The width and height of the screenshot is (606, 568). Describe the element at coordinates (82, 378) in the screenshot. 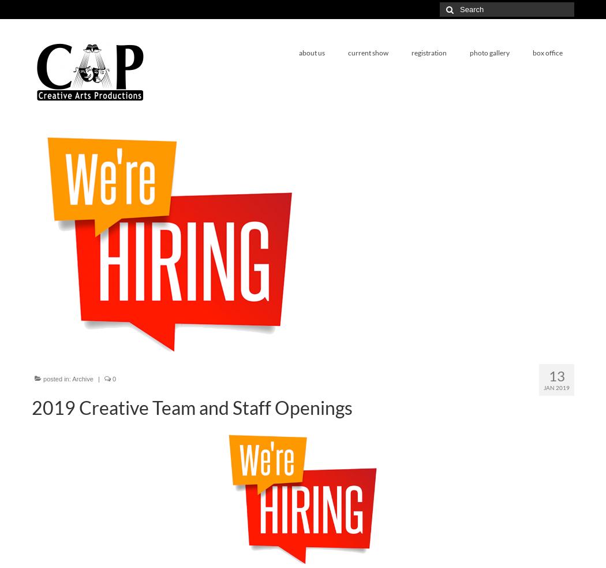

I see `'Archive'` at that location.